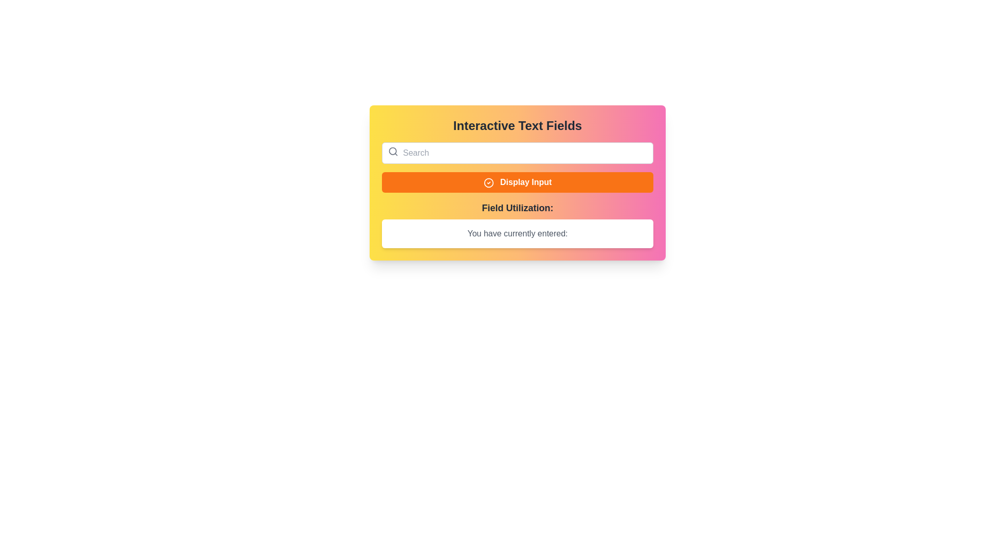 Image resolution: width=987 pixels, height=555 pixels. What do you see at coordinates (518, 125) in the screenshot?
I see `the static text label that displays 'Interactive Text Fields', which is styled in bold 2xl font and positioned at the top of a gradient-colored card` at bounding box center [518, 125].